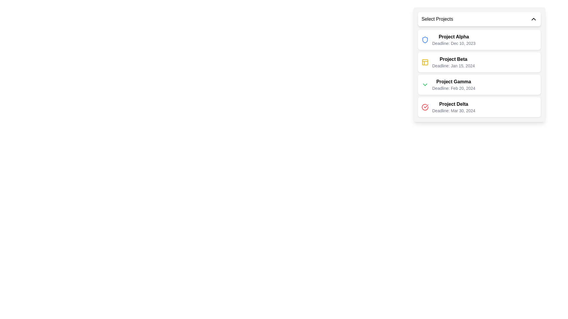  I want to click on the list item displaying the title 'Project Beta' with a deadline subtitle, which is the second item in the project list UI, so click(453, 62).